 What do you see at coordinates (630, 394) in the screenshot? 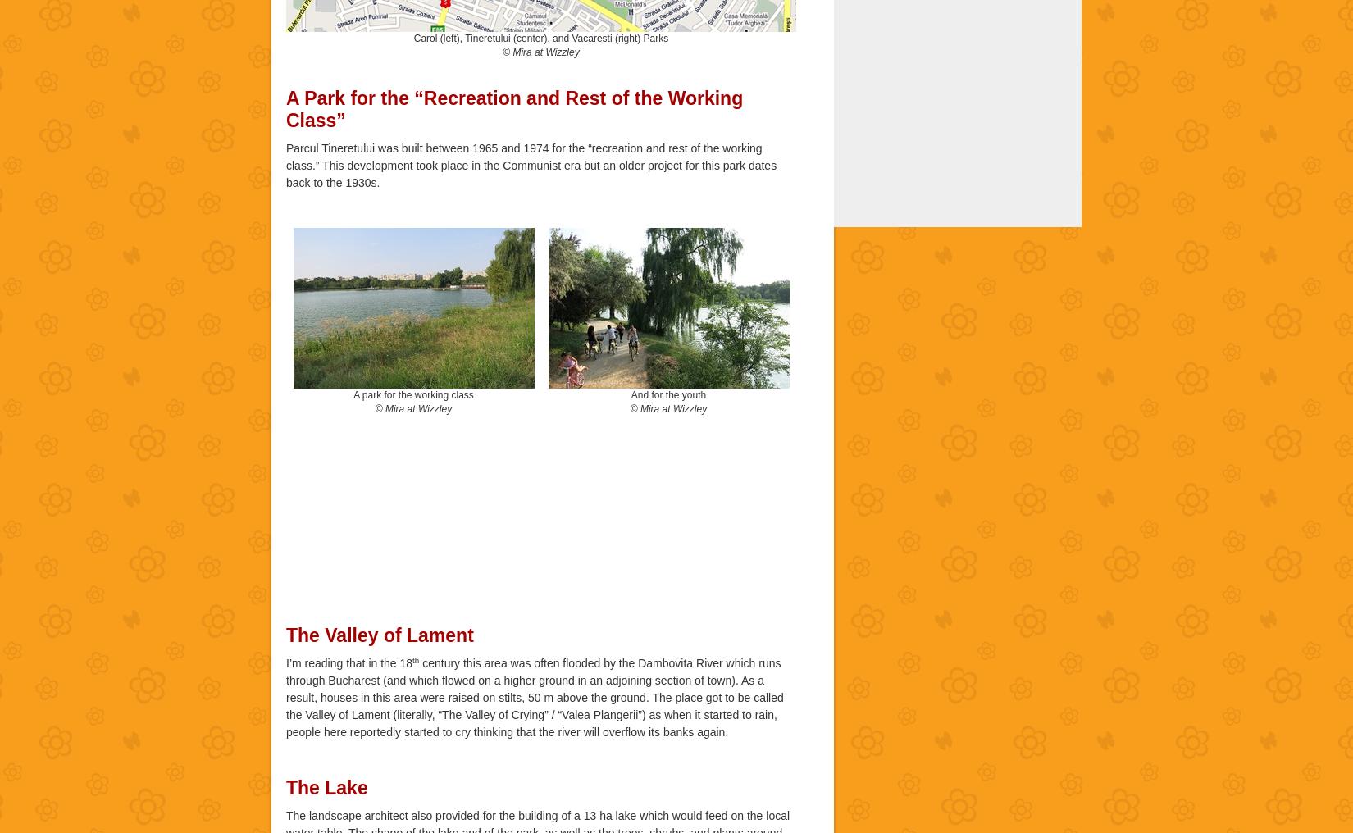
I see `'And for the youth'` at bounding box center [630, 394].